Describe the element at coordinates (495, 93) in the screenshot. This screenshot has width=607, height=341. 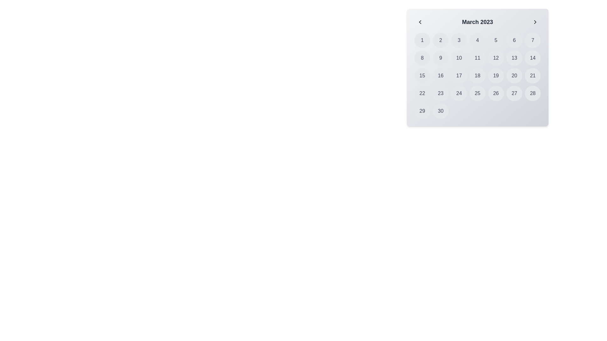
I see `the rounded button displaying the number '26'` at that location.